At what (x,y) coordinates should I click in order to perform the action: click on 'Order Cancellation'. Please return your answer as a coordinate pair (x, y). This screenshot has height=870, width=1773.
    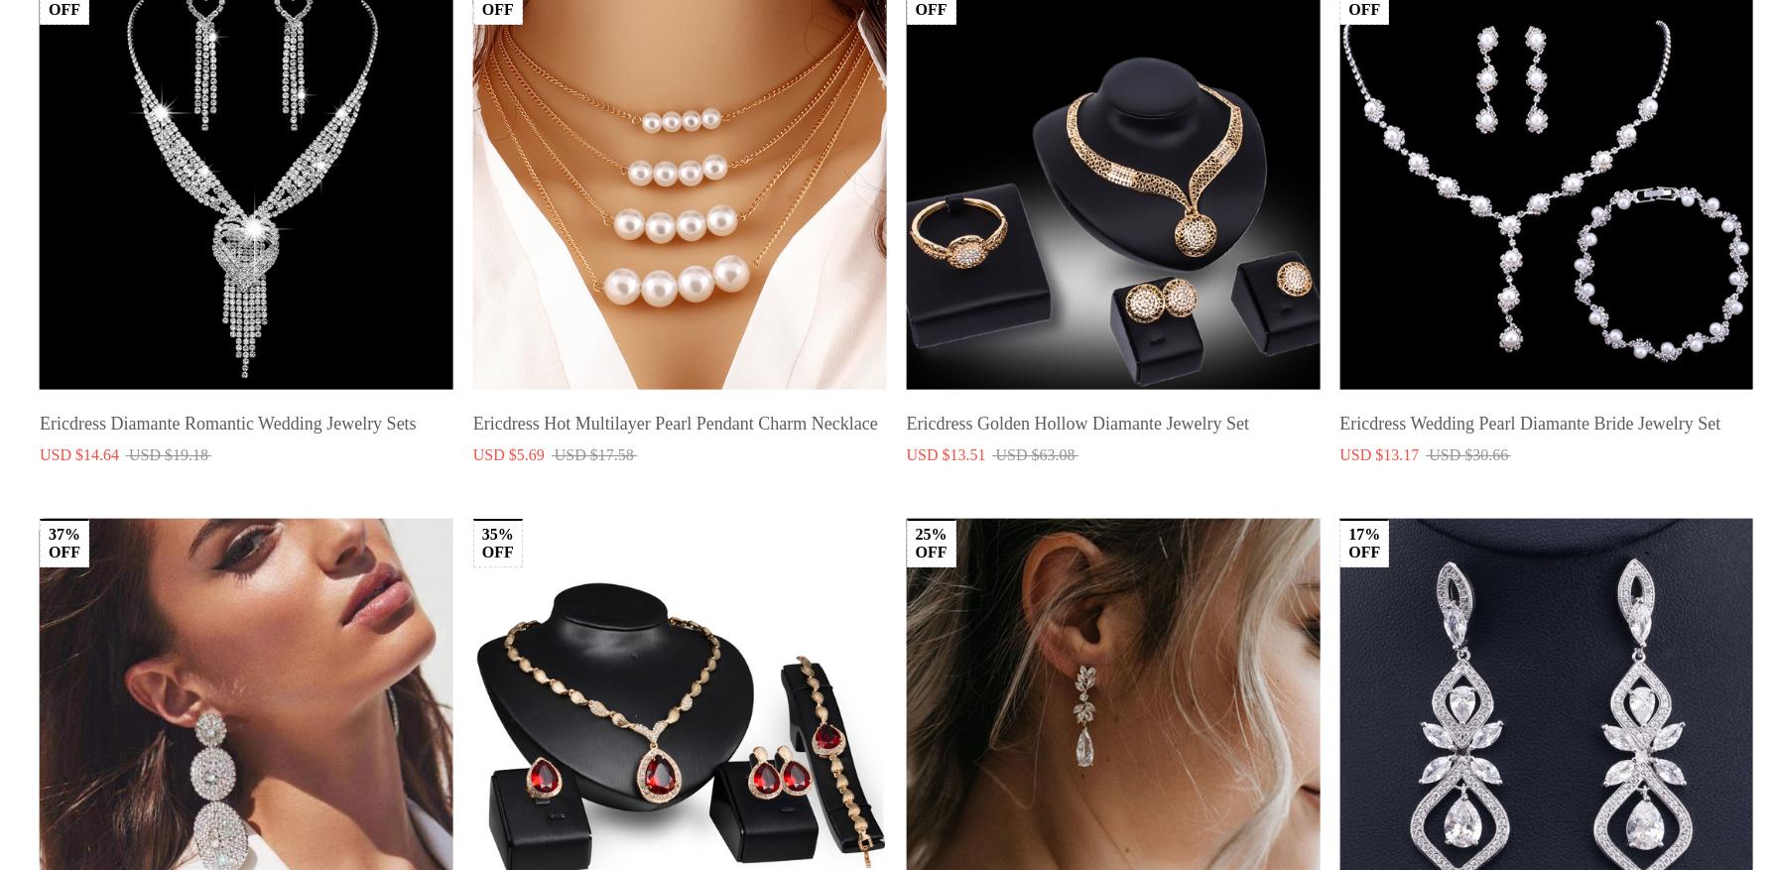
    Looking at the image, I should click on (431, 795).